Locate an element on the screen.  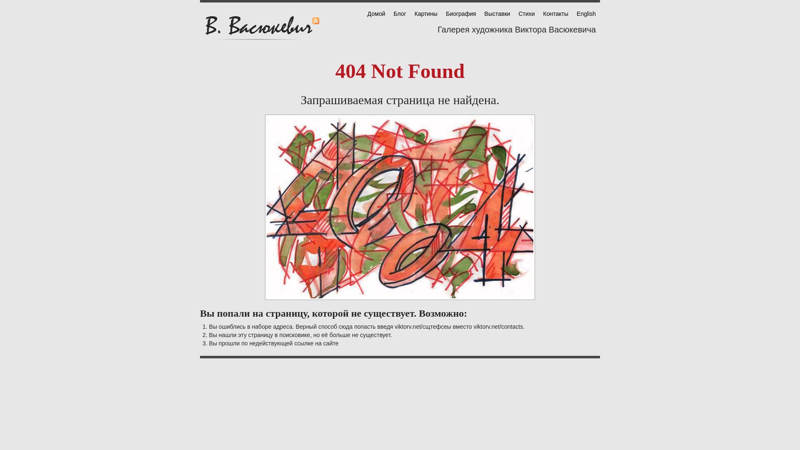
'RSS' is located at coordinates (315, 20).